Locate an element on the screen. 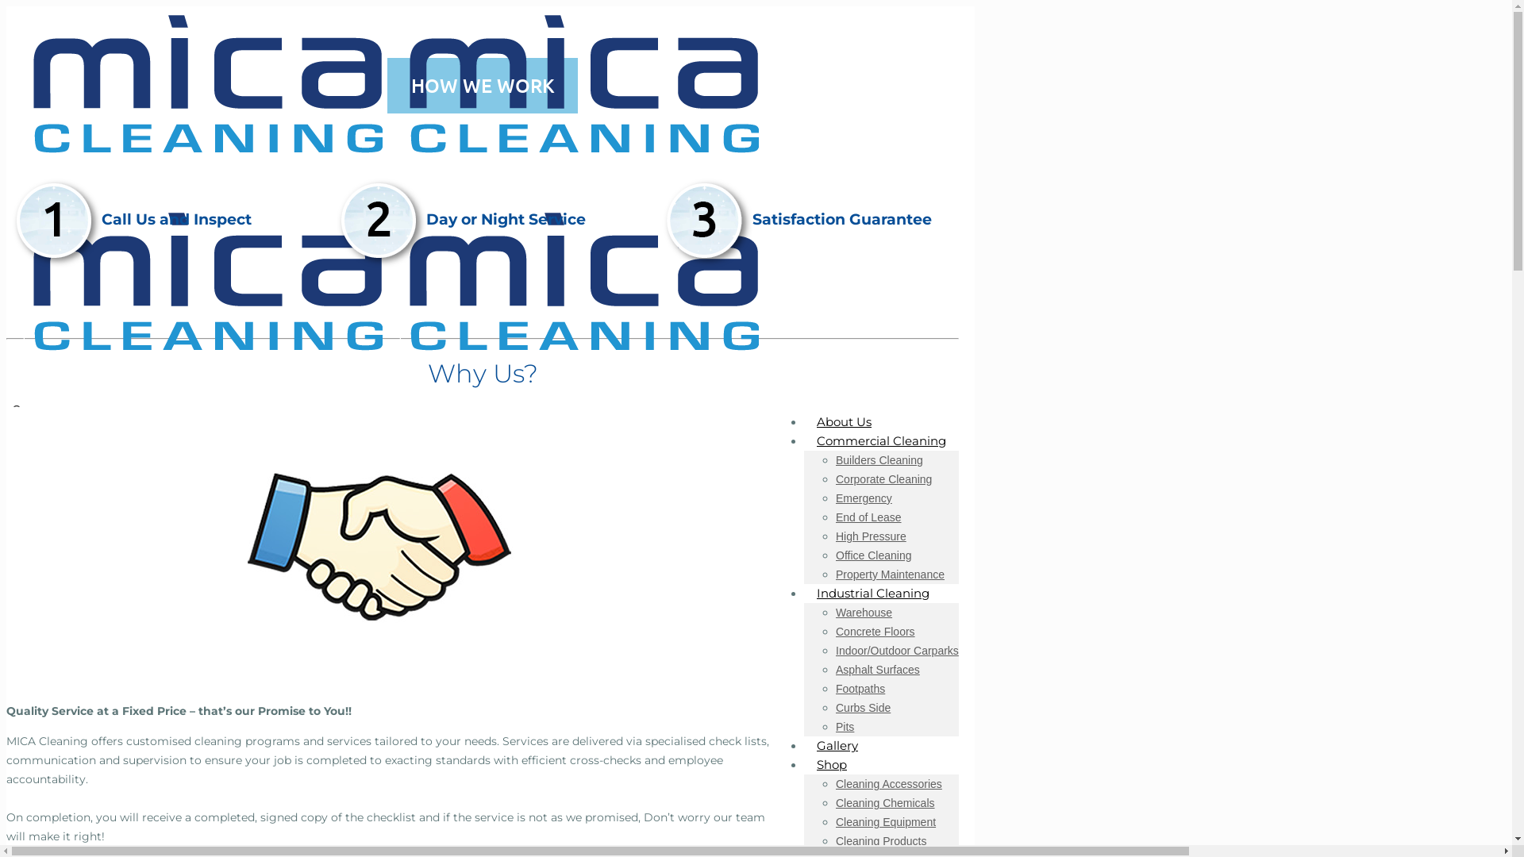 The image size is (1524, 857). 'Cleaning Equipment' is located at coordinates (885, 821).